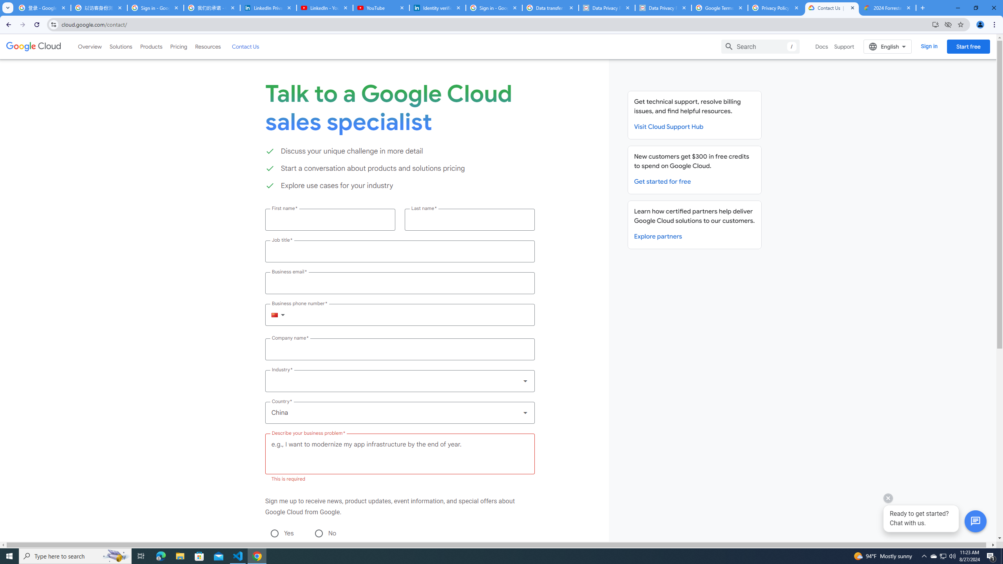 The image size is (1003, 564). I want to click on 'Support', so click(844, 46).